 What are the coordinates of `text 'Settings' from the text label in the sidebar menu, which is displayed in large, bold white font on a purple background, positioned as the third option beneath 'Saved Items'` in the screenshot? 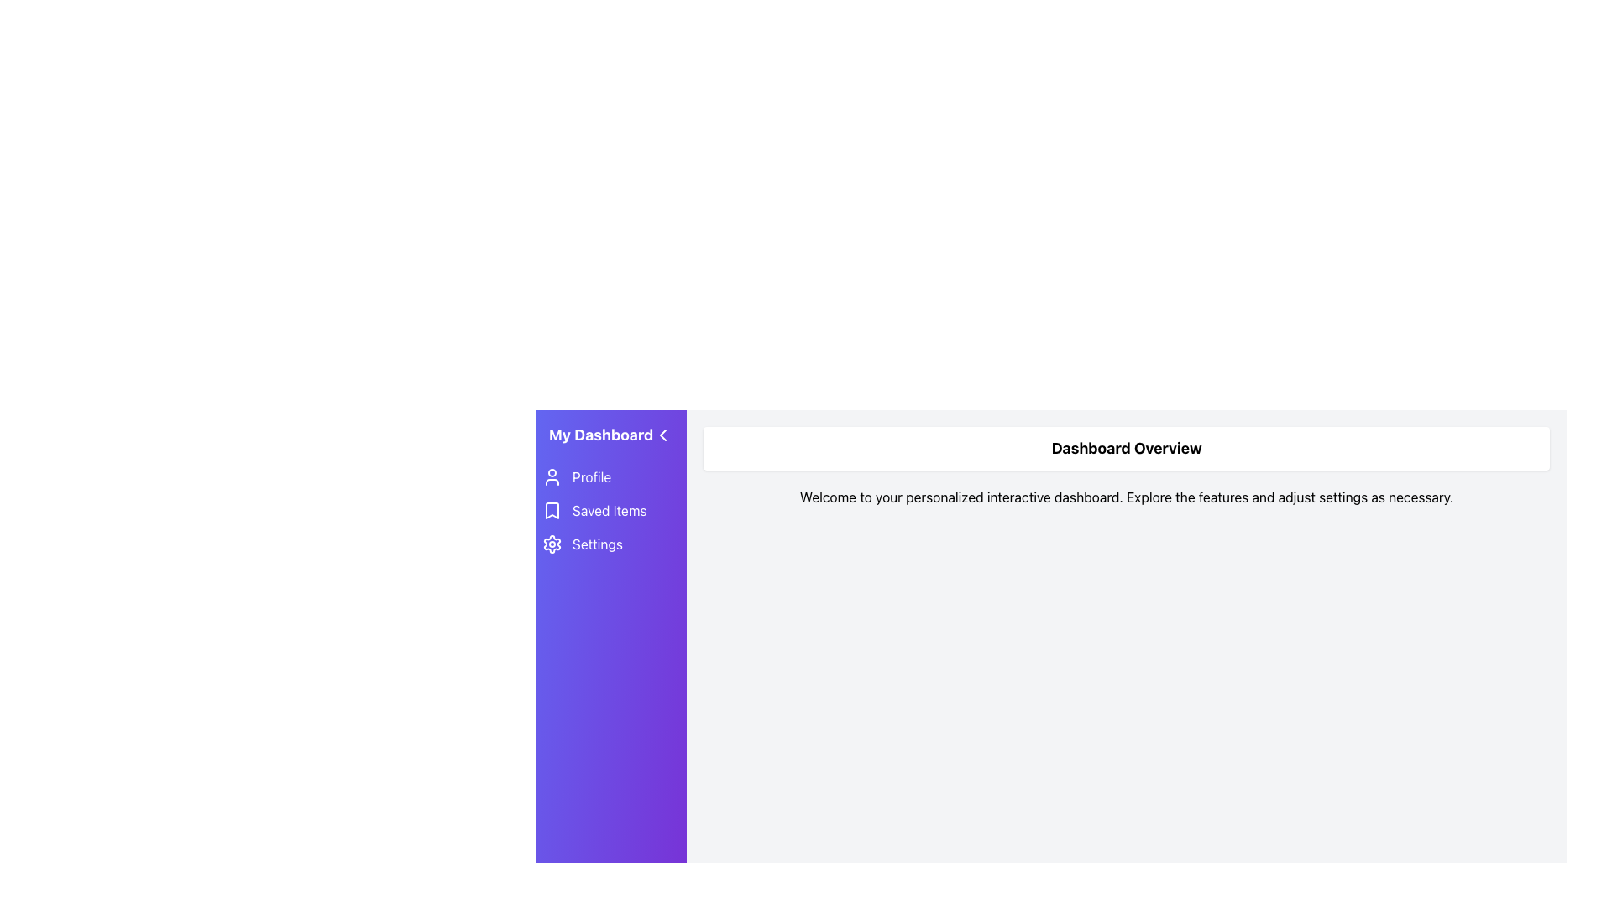 It's located at (597, 544).